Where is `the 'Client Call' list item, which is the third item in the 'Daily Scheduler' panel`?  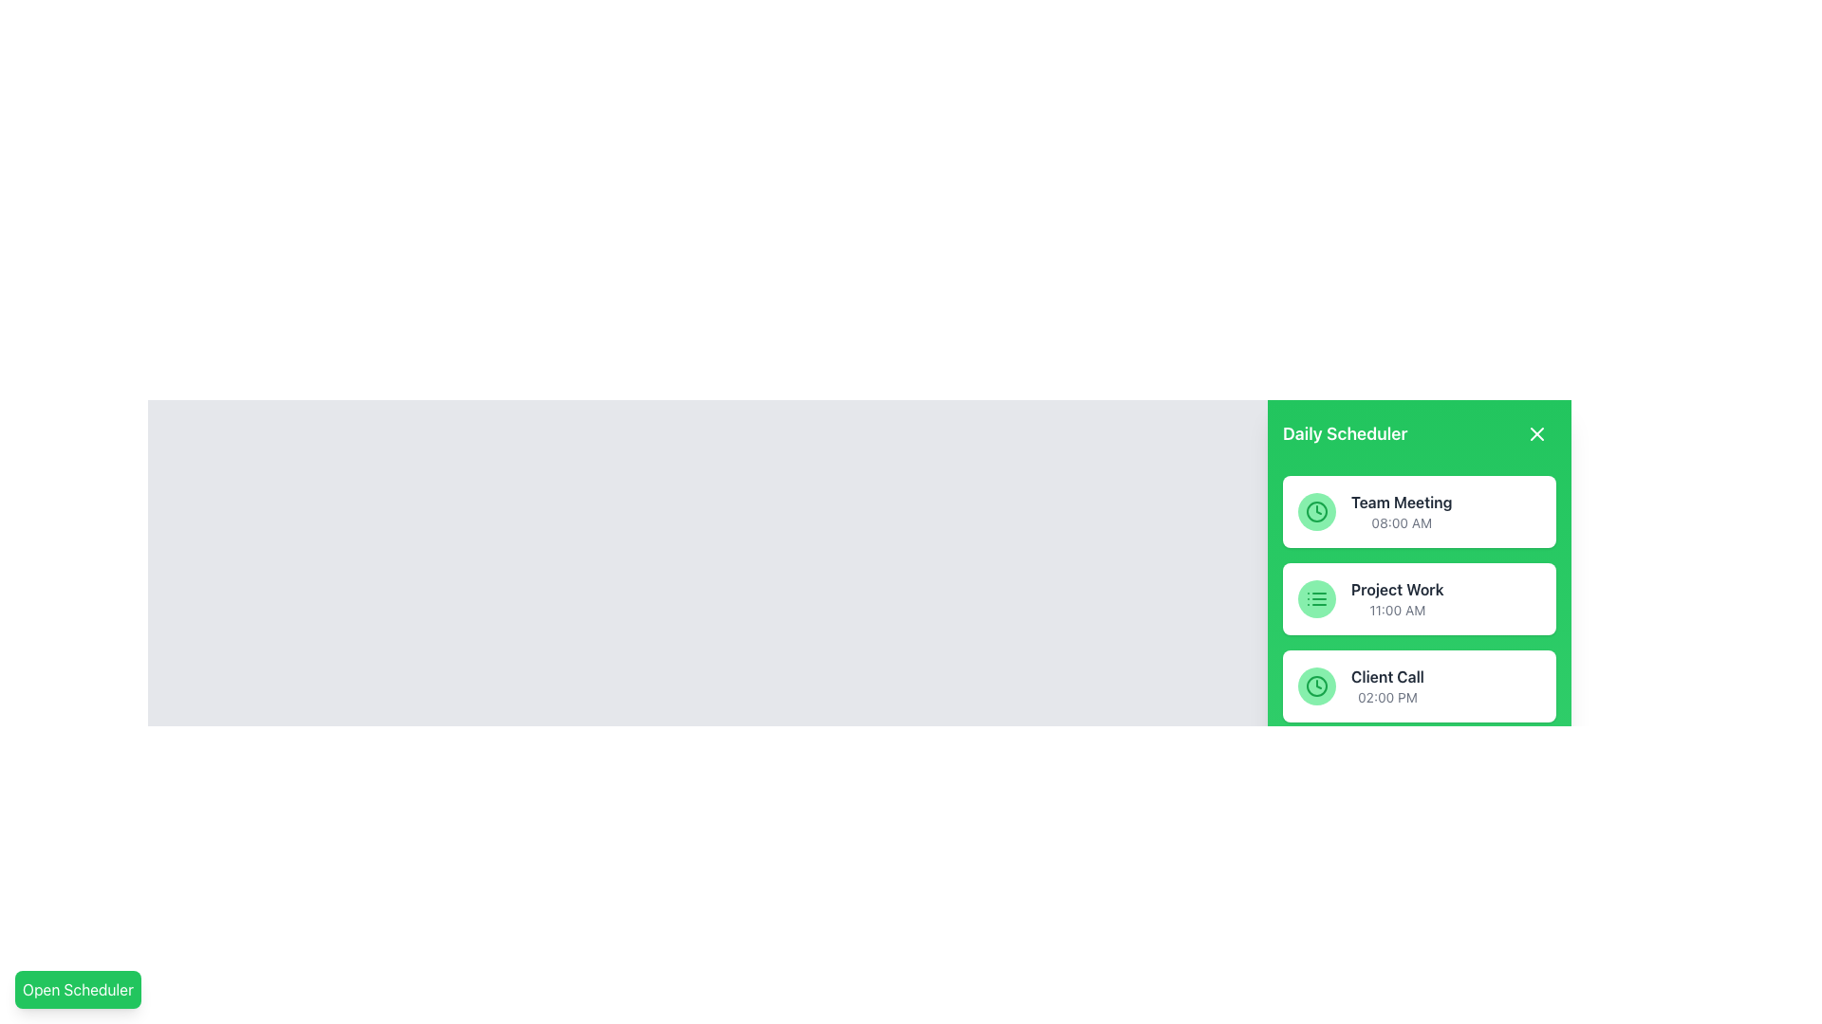
the 'Client Call' list item, which is the third item in the 'Daily Scheduler' panel is located at coordinates (1420, 686).